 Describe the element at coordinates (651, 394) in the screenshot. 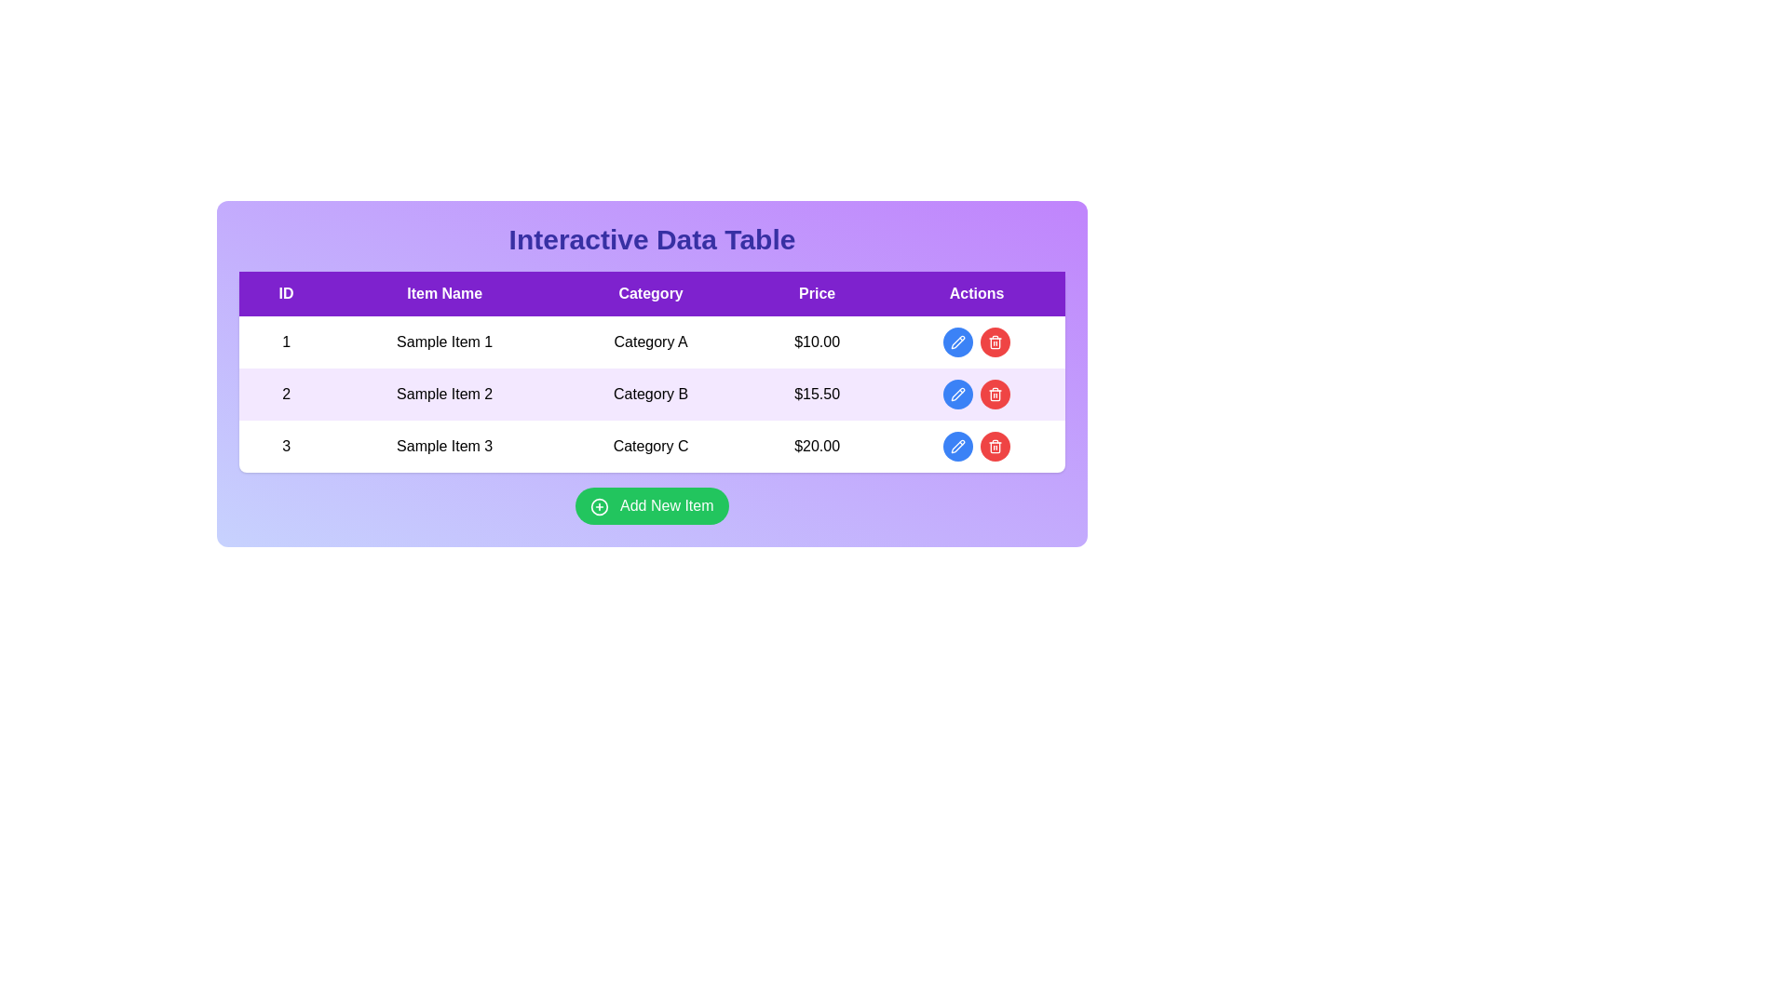

I see `the text cell containing 'Category B' in the second row and third column of the data table, which is centered within a card-styled box` at that location.